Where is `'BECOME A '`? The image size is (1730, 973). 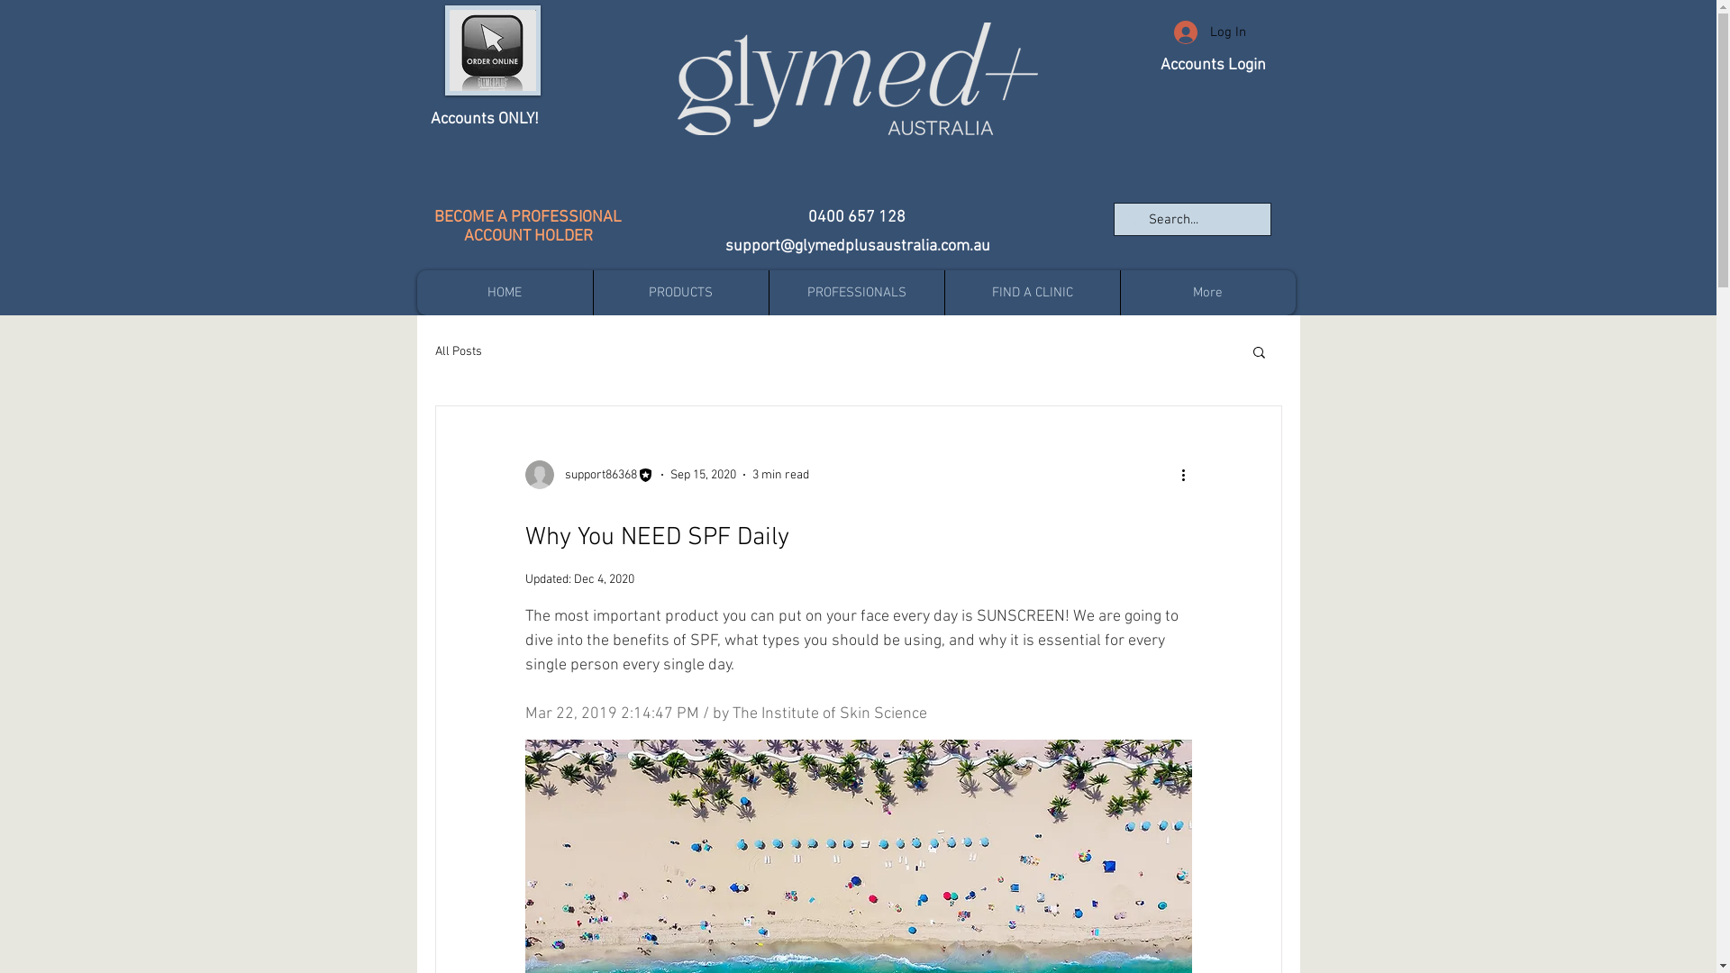
'BECOME A ' is located at coordinates (472, 216).